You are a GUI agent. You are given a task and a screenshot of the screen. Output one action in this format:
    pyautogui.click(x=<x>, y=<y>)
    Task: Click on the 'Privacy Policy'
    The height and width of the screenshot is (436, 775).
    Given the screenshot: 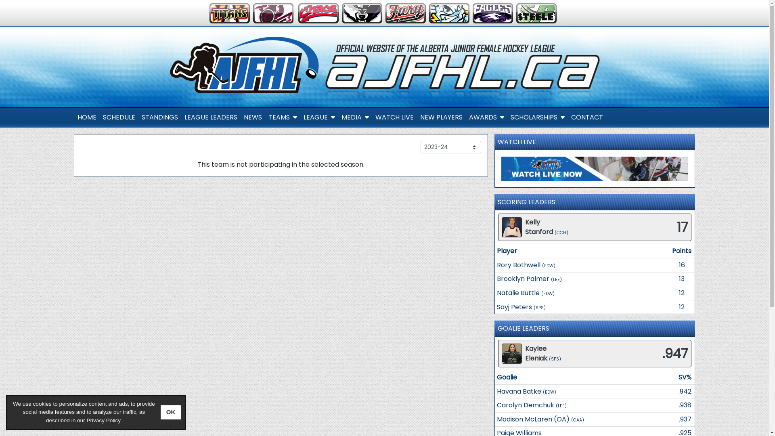 What is the action you would take?
    pyautogui.click(x=103, y=420)
    